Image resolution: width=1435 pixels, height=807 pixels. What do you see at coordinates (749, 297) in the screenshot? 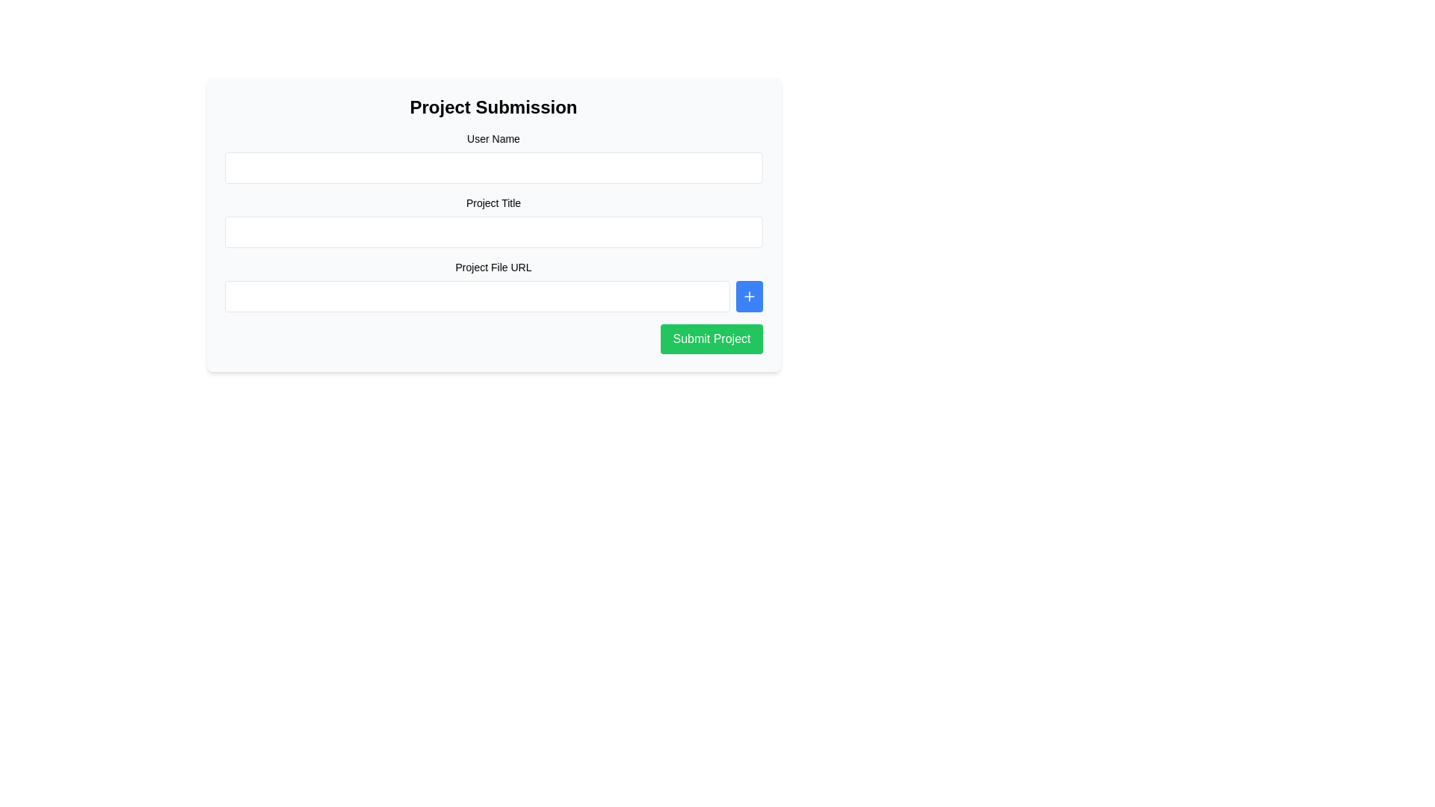
I see `keyboard navigation` at bounding box center [749, 297].